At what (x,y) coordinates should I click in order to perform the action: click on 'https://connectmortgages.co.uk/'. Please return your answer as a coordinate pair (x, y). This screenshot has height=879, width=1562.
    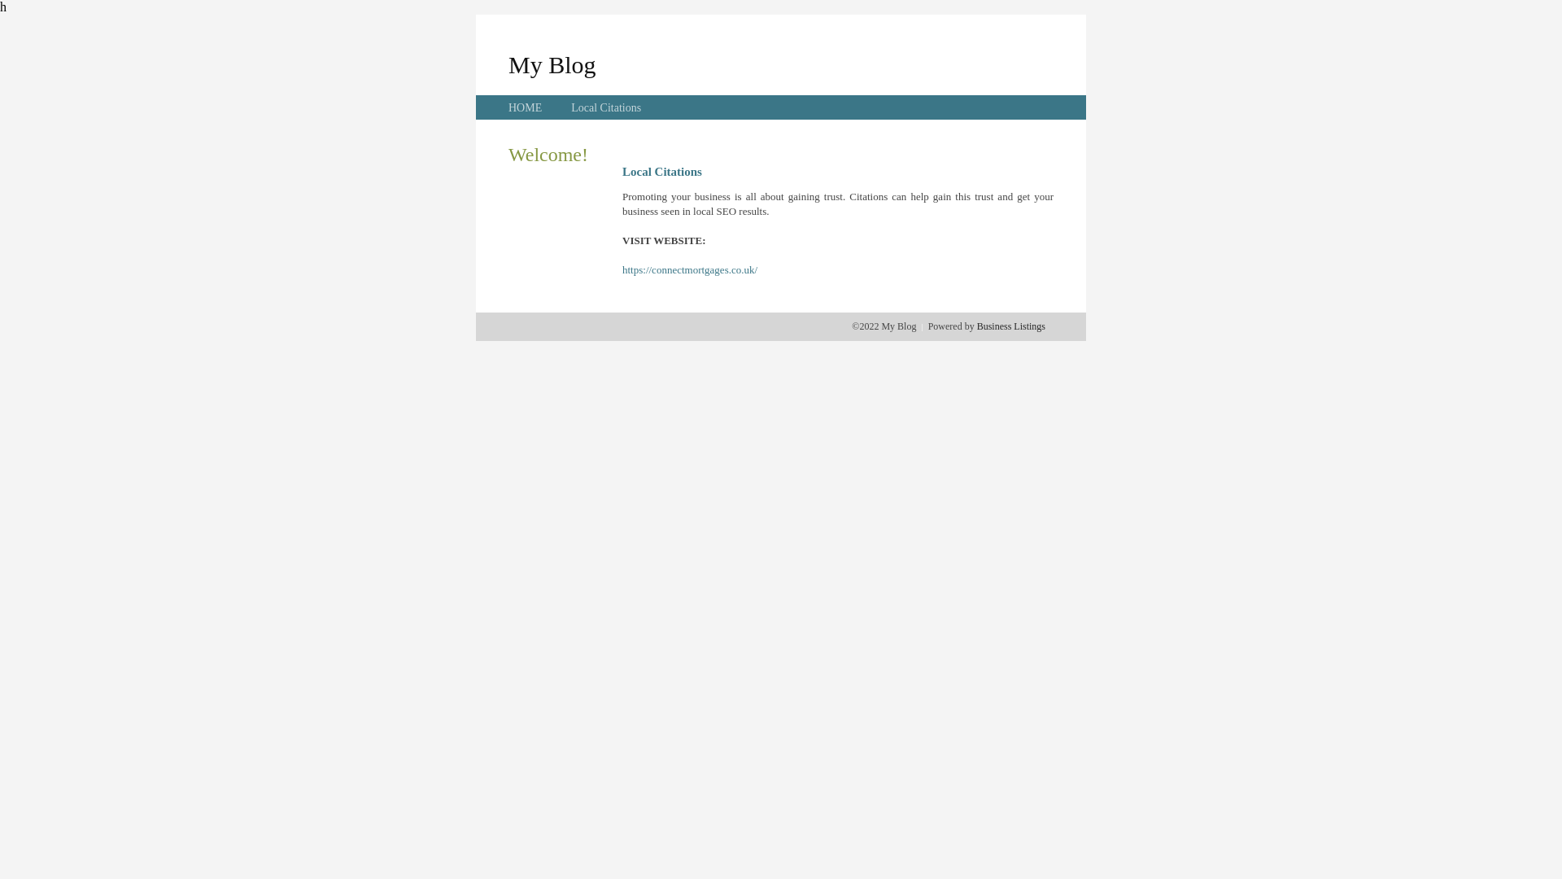
    Looking at the image, I should click on (690, 269).